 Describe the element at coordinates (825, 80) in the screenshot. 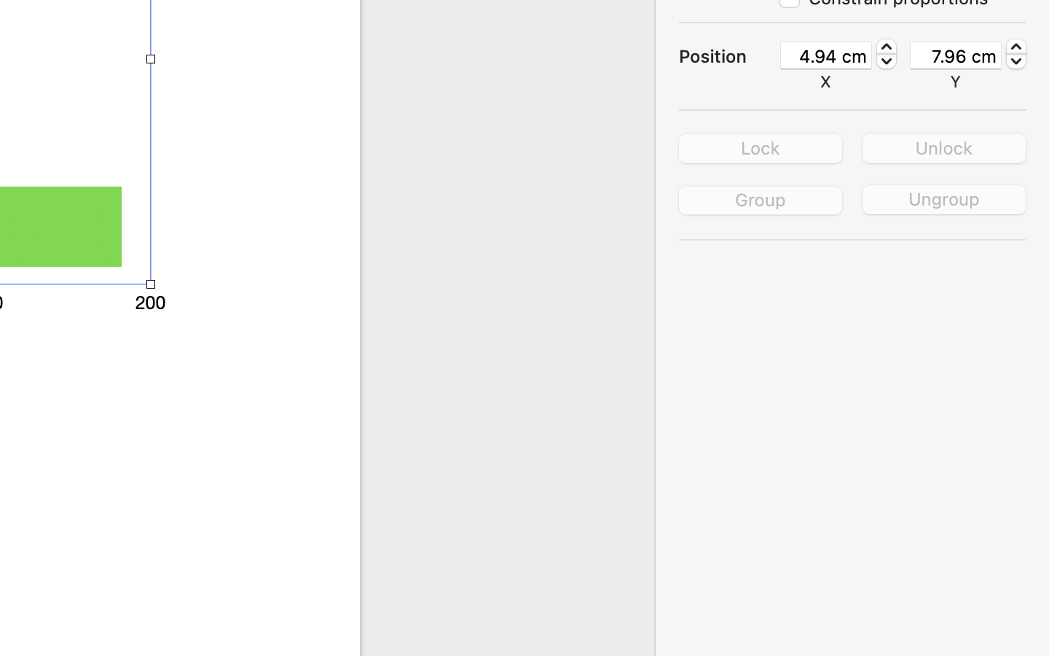

I see `'X'` at that location.